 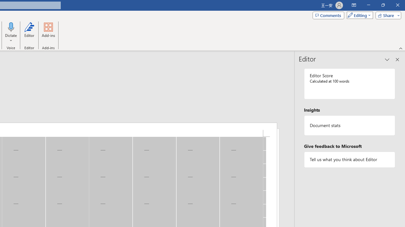 What do you see at coordinates (397, 5) in the screenshot?
I see `'Close'` at bounding box center [397, 5].